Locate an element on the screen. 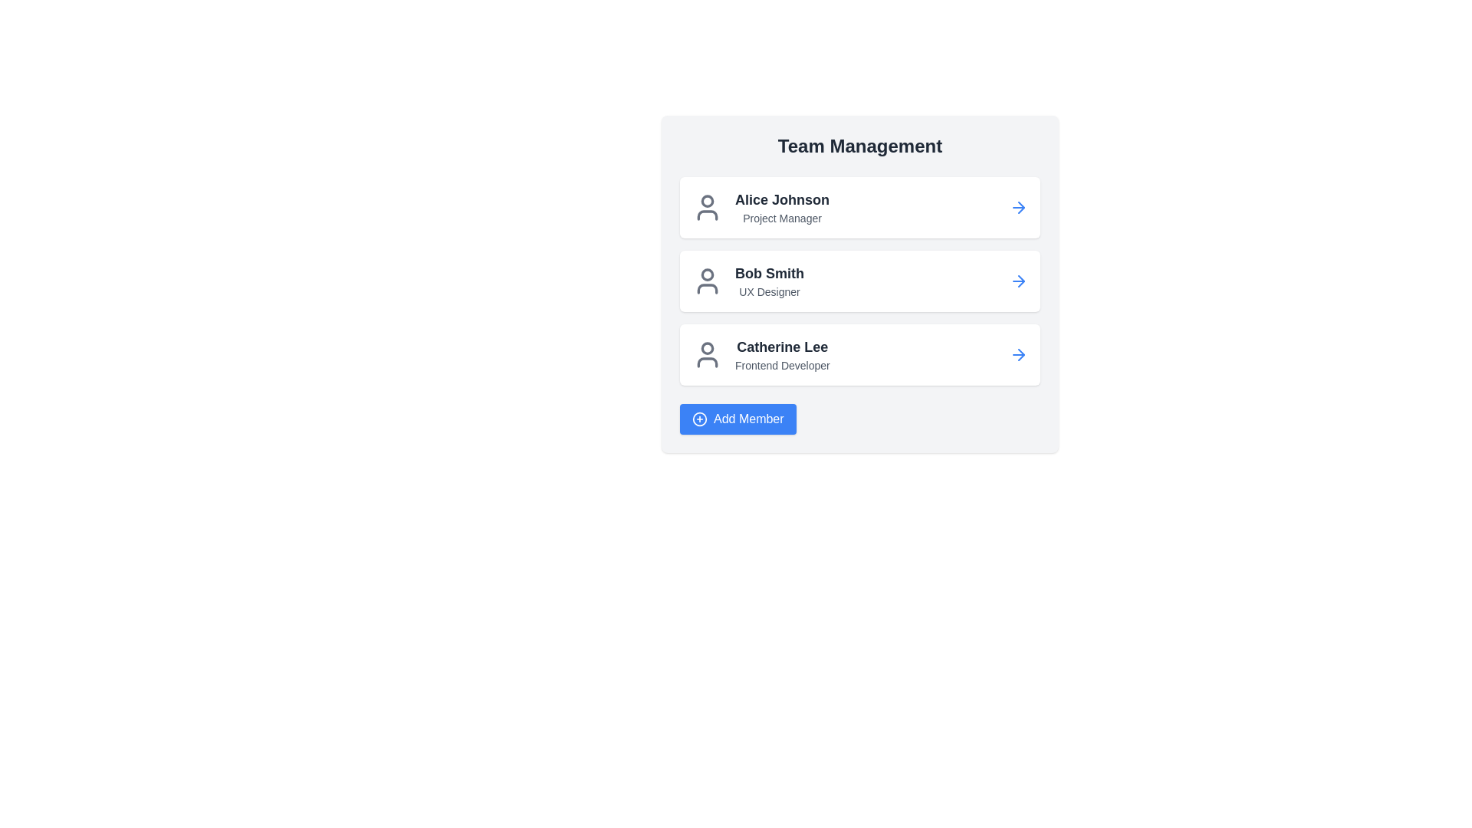 This screenshot has width=1472, height=828. the static text label 'UX Designer' which is styled in a smaller, gray-colored font, located directly below 'Bob Smith' in the team members list is located at coordinates (769, 292).